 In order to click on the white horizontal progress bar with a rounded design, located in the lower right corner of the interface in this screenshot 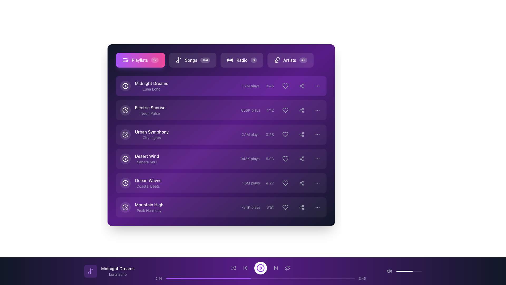, I will do `click(404, 271)`.